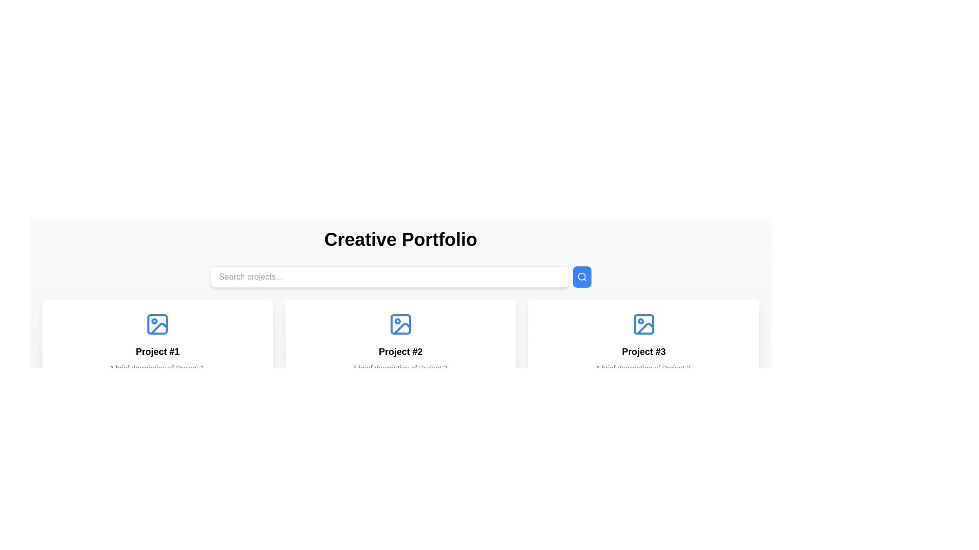 The image size is (979, 550). Describe the element at coordinates (582, 277) in the screenshot. I see `the magnifying glass icon in the blue circular button next to the search bar` at that location.